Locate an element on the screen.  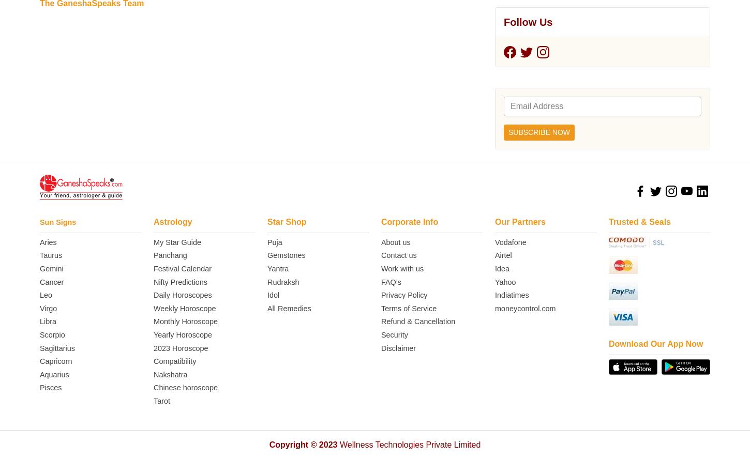
'Nakshatra' is located at coordinates (170, 47).